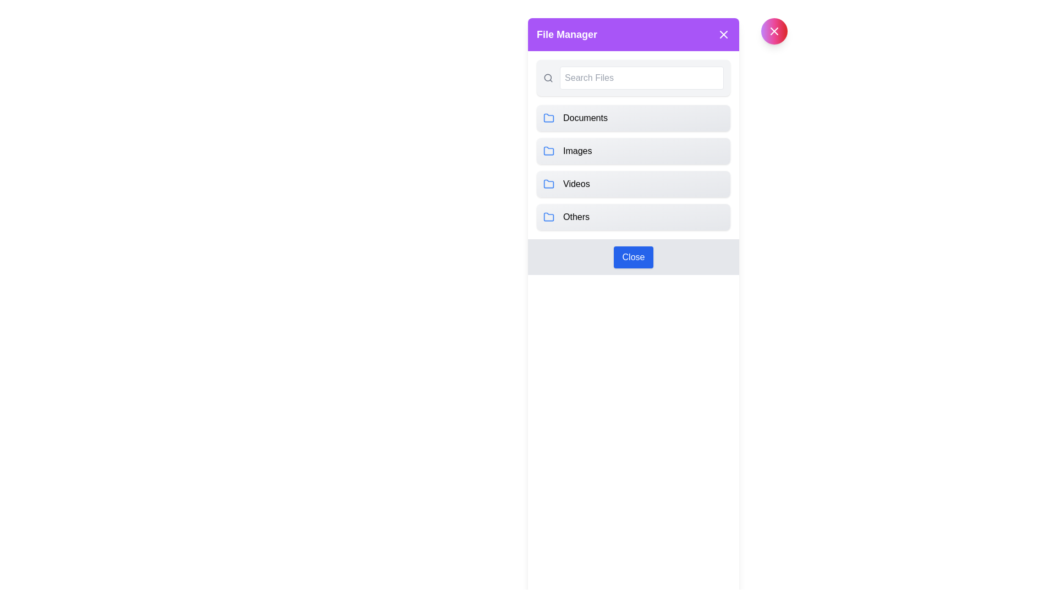  I want to click on the close button located at the far-right end of the top purple header bar of the 'File Manager', so click(773, 31).